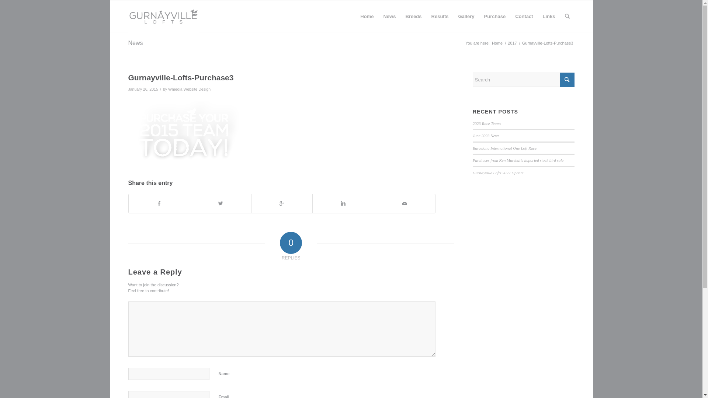  Describe the element at coordinates (389, 17) in the screenshot. I see `'News'` at that location.